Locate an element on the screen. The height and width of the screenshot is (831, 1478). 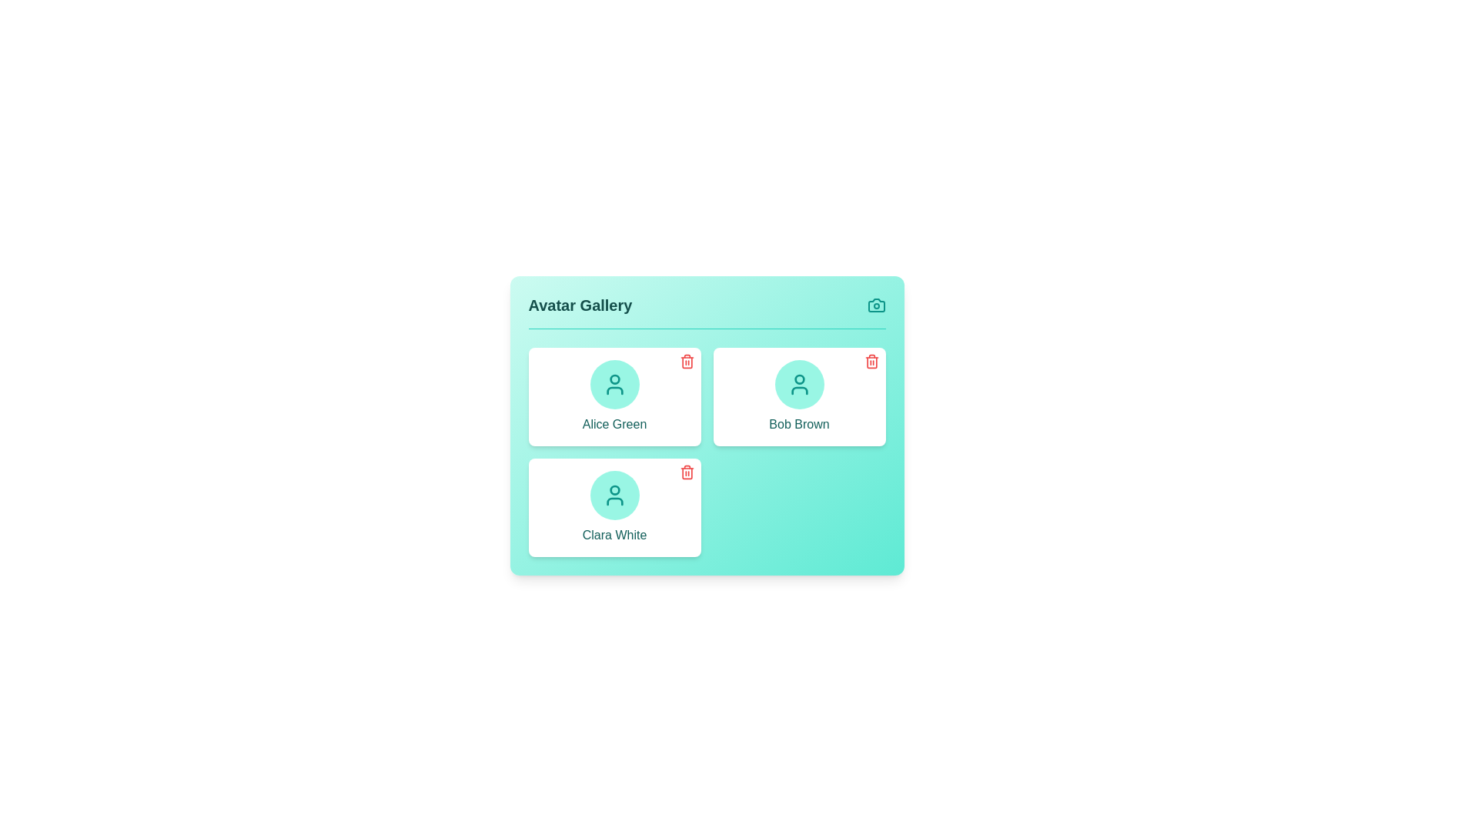
the iconographic element representing the user 'Alice Green' in the Avatar Gallery section, located on the leftmost card is located at coordinates (614, 390).